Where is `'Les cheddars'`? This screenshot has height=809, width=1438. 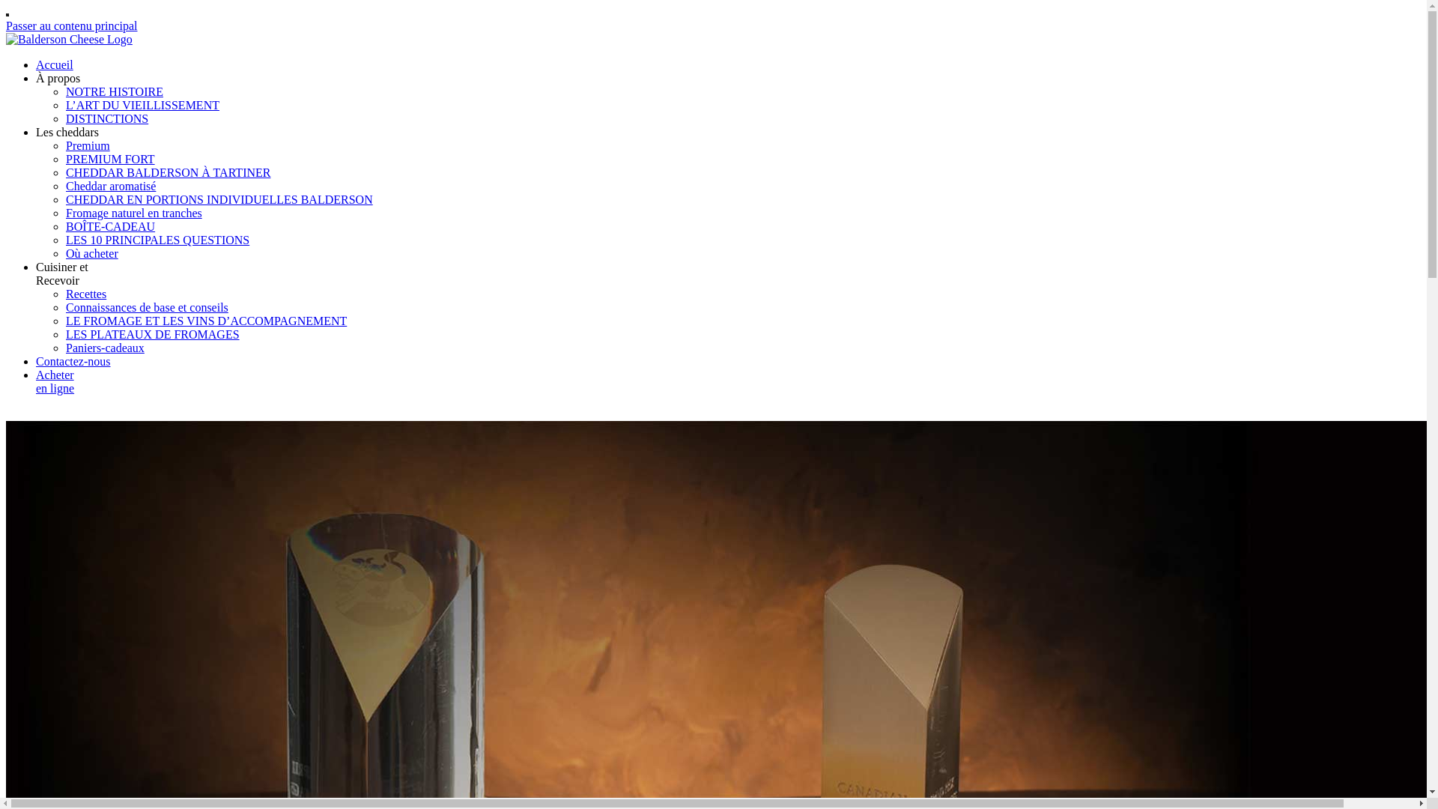
'Les cheddars' is located at coordinates (67, 131).